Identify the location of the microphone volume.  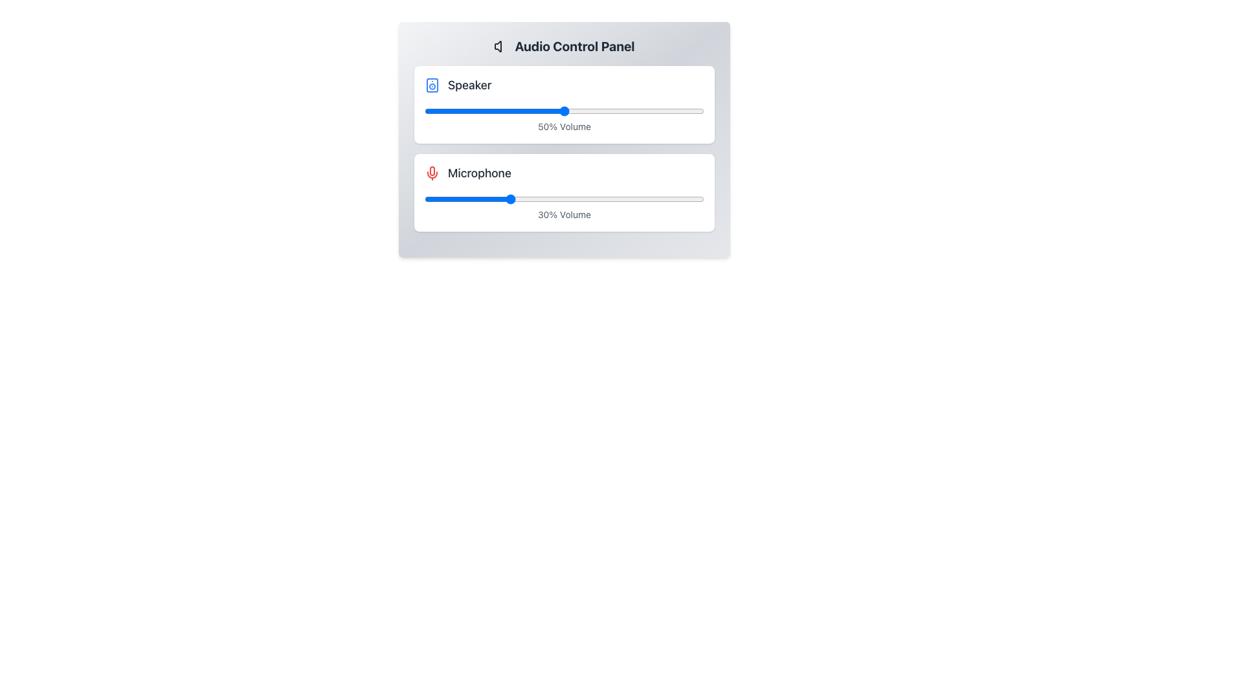
(516, 199).